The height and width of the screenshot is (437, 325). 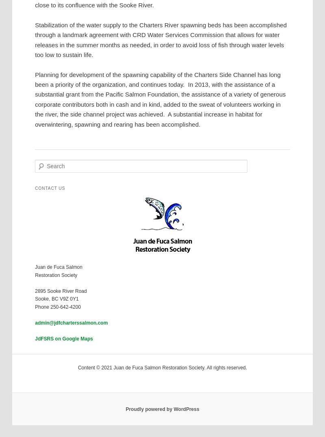 I want to click on 'Stabilization of the water supply to the Charters River spawning beds has been accomplished through a landmark agreement with CRD Water Services Commission that allows for water releases in the summer months as needed, in order to avoid loss of fish through water levels too low to sustain life.', so click(x=35, y=39).